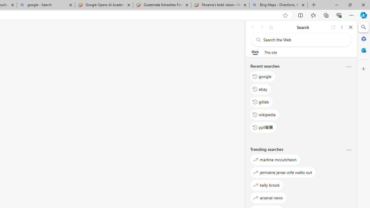 The height and width of the screenshot is (208, 370). What do you see at coordinates (270, 52) in the screenshot?
I see `'This site scope'` at bounding box center [270, 52].